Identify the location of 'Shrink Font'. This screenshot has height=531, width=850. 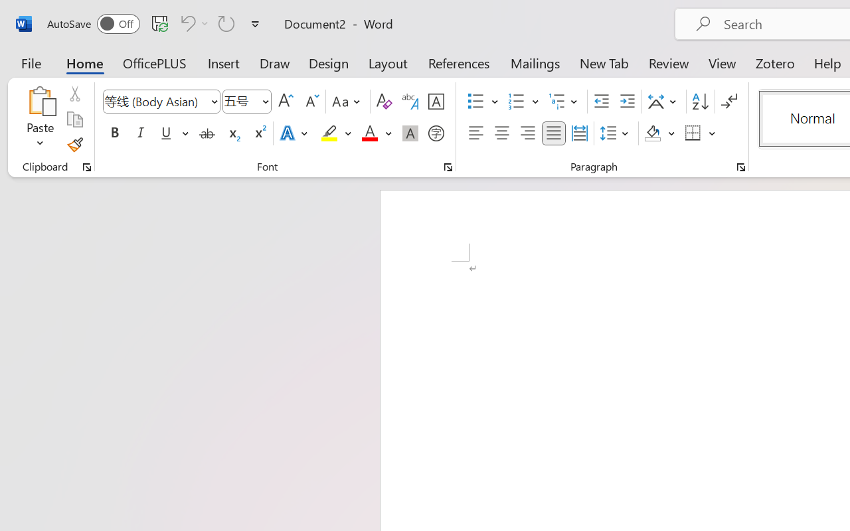
(310, 102).